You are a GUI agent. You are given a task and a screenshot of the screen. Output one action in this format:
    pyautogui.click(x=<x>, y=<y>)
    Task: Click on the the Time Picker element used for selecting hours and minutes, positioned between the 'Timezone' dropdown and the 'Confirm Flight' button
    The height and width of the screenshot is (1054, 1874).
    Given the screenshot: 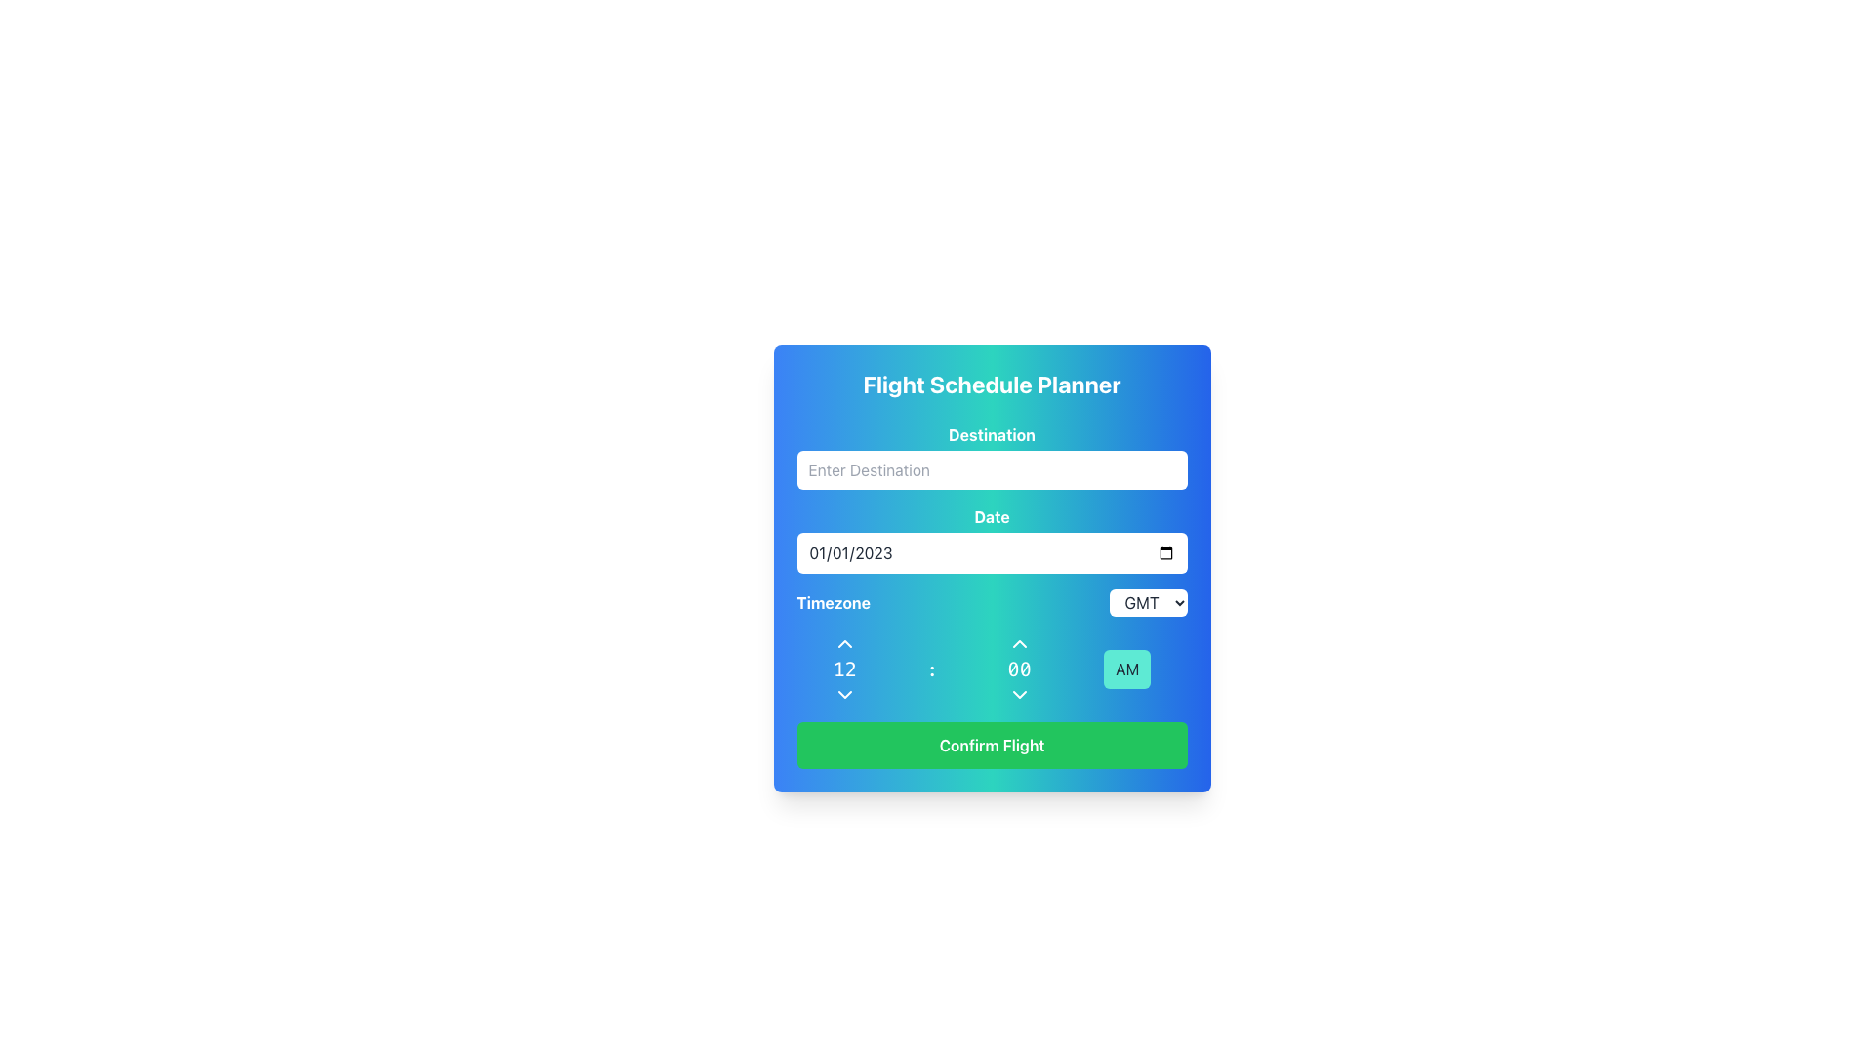 What is the action you would take?
    pyautogui.click(x=992, y=669)
    